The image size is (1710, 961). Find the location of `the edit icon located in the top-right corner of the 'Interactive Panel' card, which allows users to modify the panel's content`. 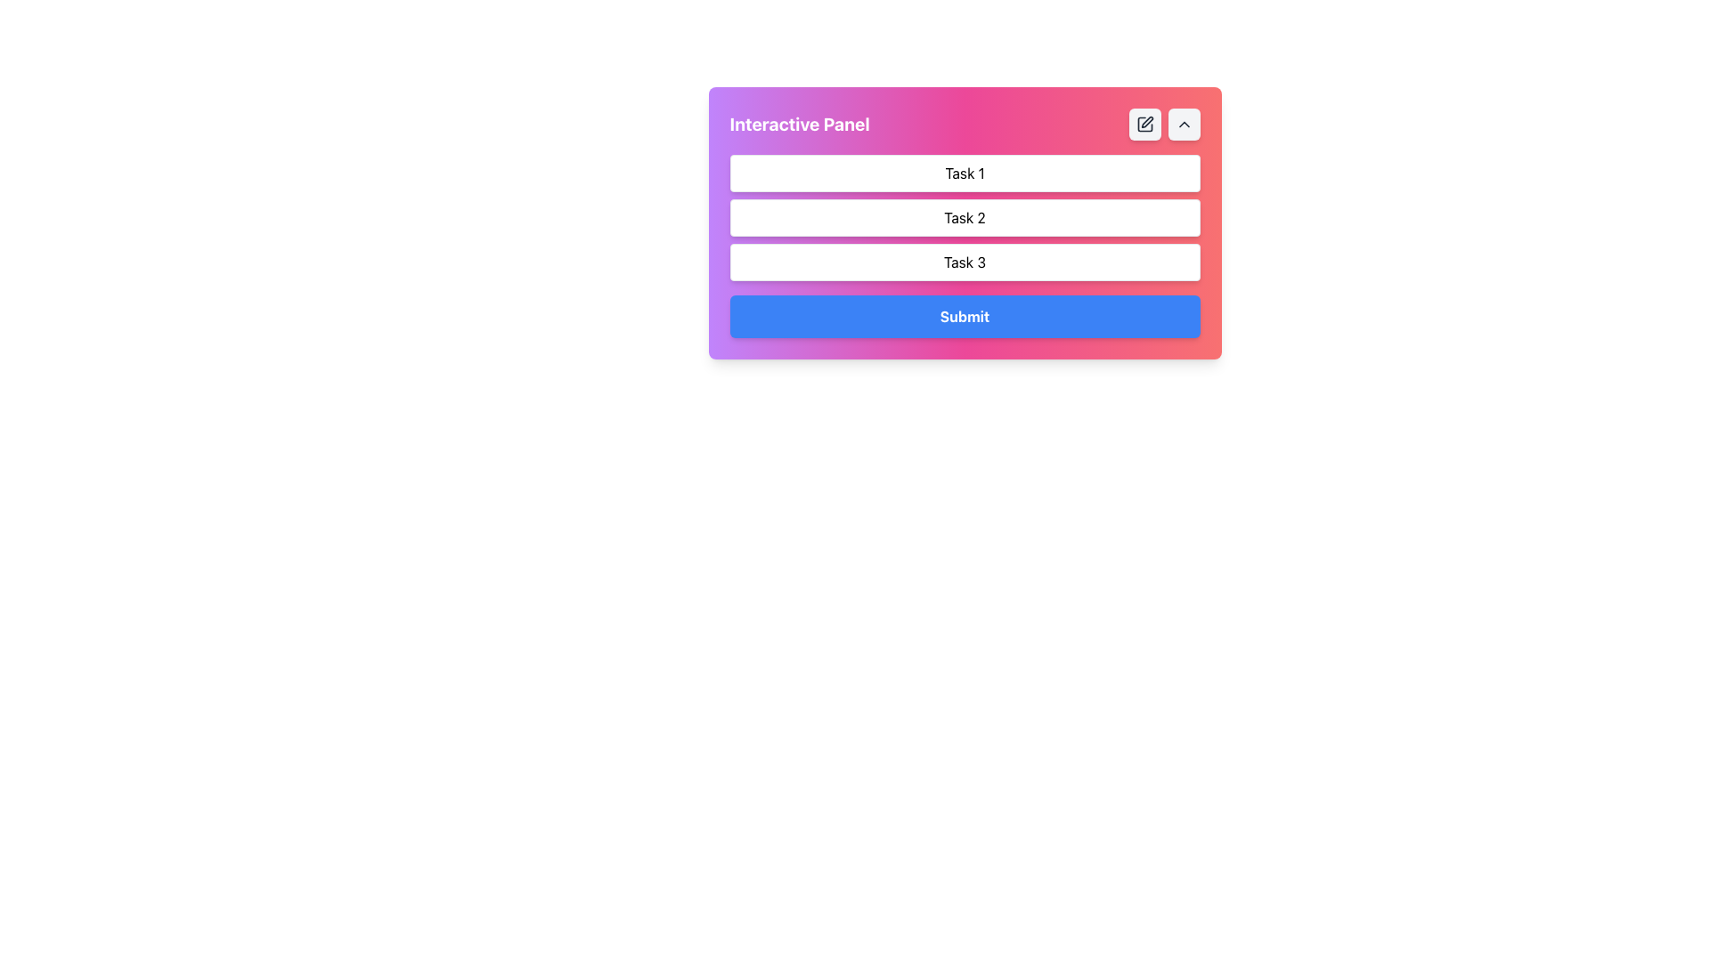

the edit icon located in the top-right corner of the 'Interactive Panel' card, which allows users to modify the panel's content is located at coordinates (1146, 121).